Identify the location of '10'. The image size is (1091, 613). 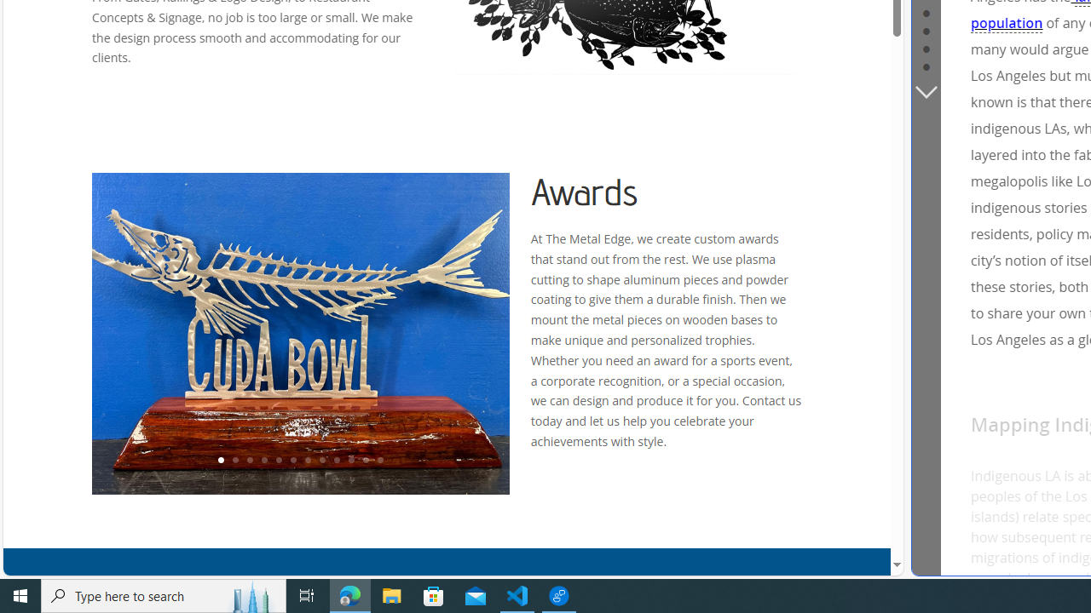
(350, 461).